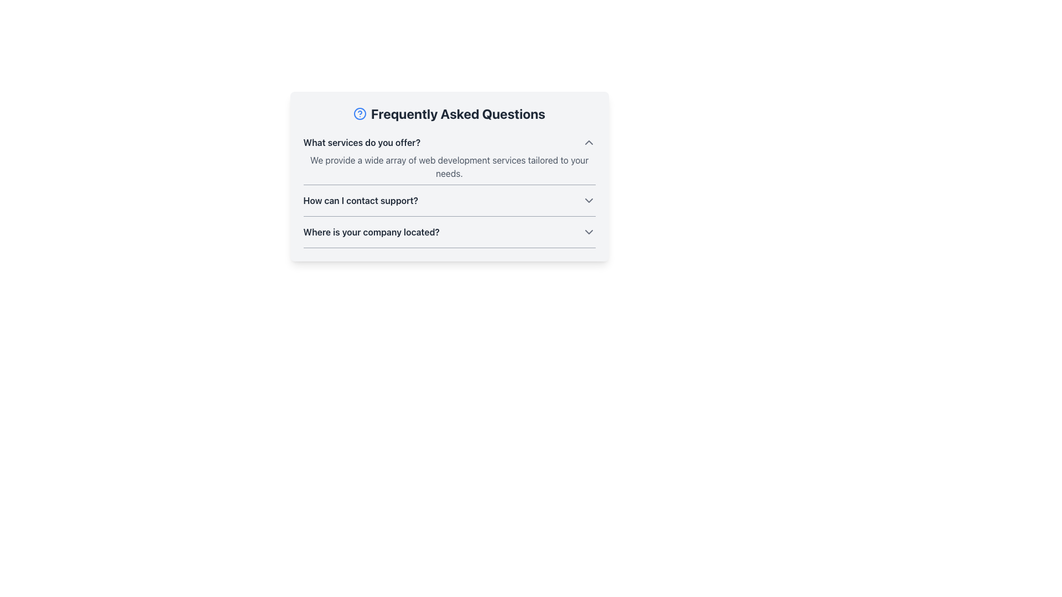 This screenshot has height=597, width=1062. Describe the element at coordinates (360, 113) in the screenshot. I see `the help or FAQ icon located to the left of the 'Frequently Asked Questions' title in the application's header` at that location.